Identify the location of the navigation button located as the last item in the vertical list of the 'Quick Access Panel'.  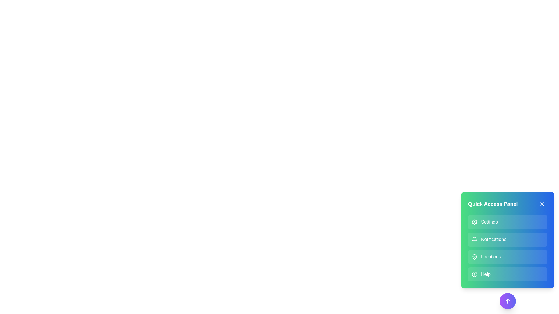
(507, 274).